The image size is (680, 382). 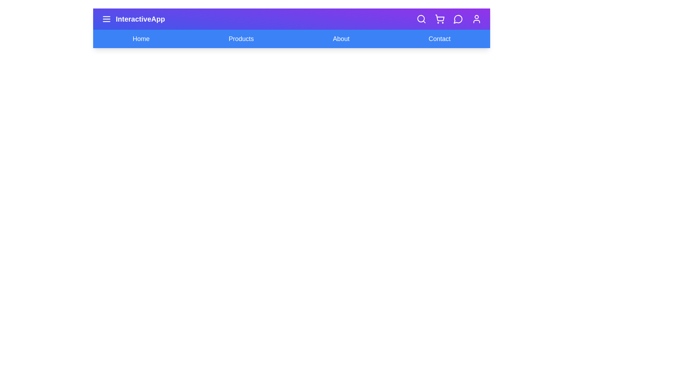 What do you see at coordinates (106, 19) in the screenshot?
I see `the menu button to toggle the menu visibility` at bounding box center [106, 19].